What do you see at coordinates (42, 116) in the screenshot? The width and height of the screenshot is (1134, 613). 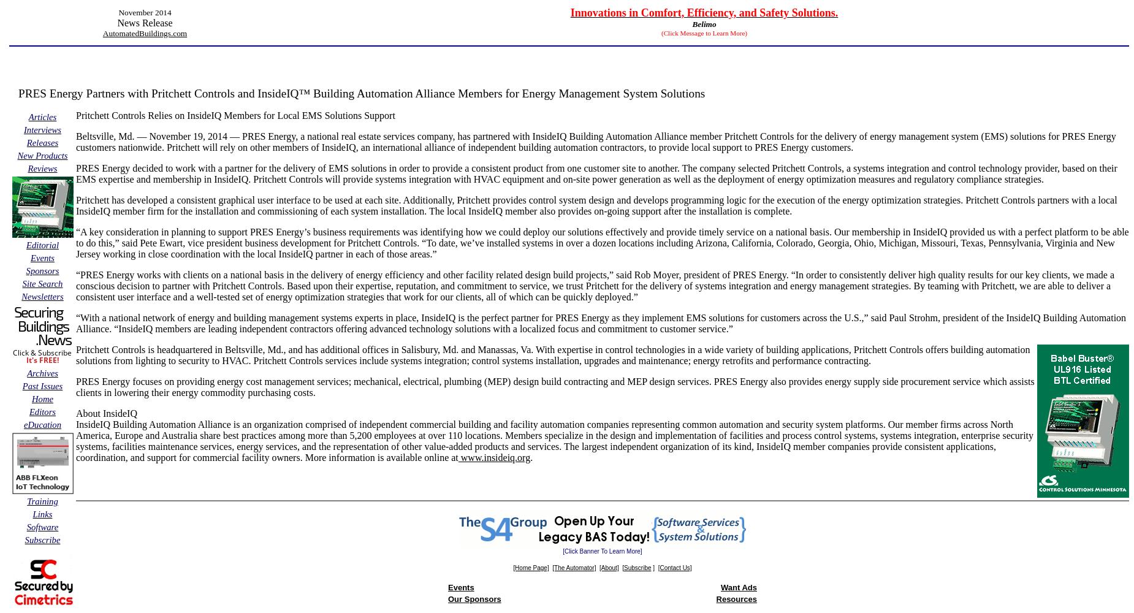 I see `'Articles'` at bounding box center [42, 116].